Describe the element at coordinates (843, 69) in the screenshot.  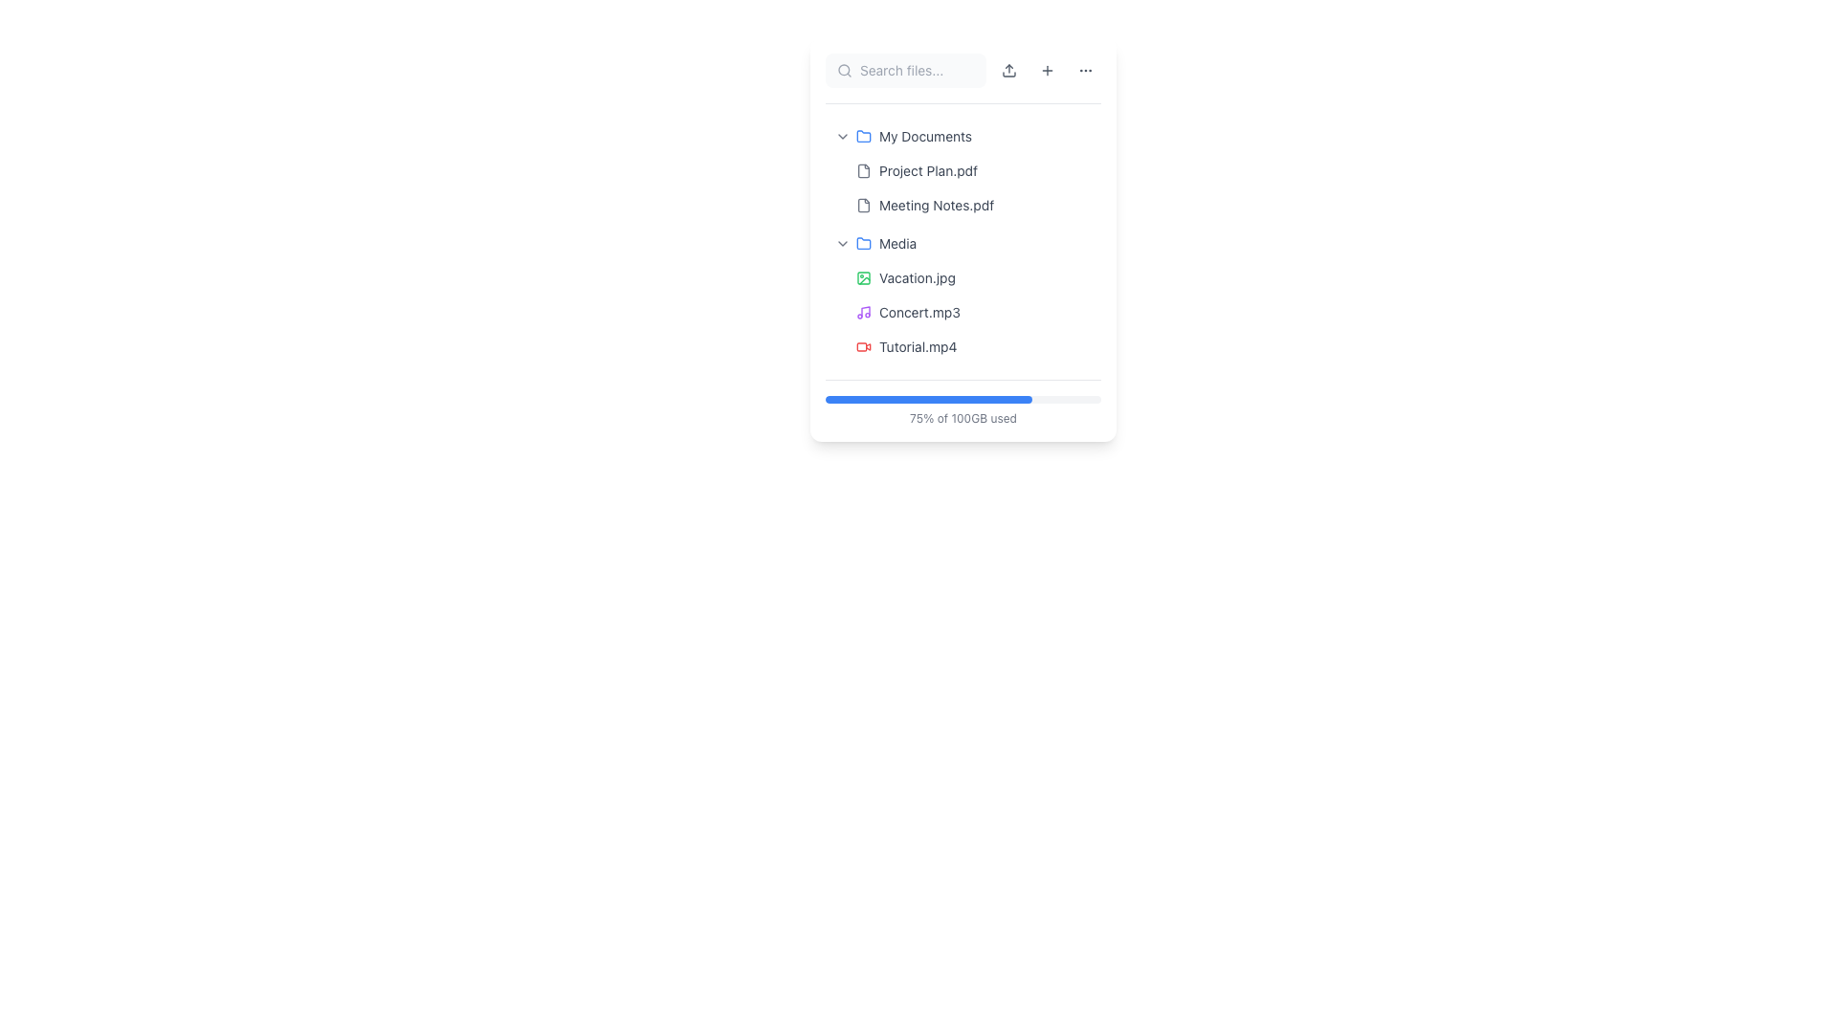
I see `the search field associated with the graphical circle representing a search icon located within an SVG structure` at that location.